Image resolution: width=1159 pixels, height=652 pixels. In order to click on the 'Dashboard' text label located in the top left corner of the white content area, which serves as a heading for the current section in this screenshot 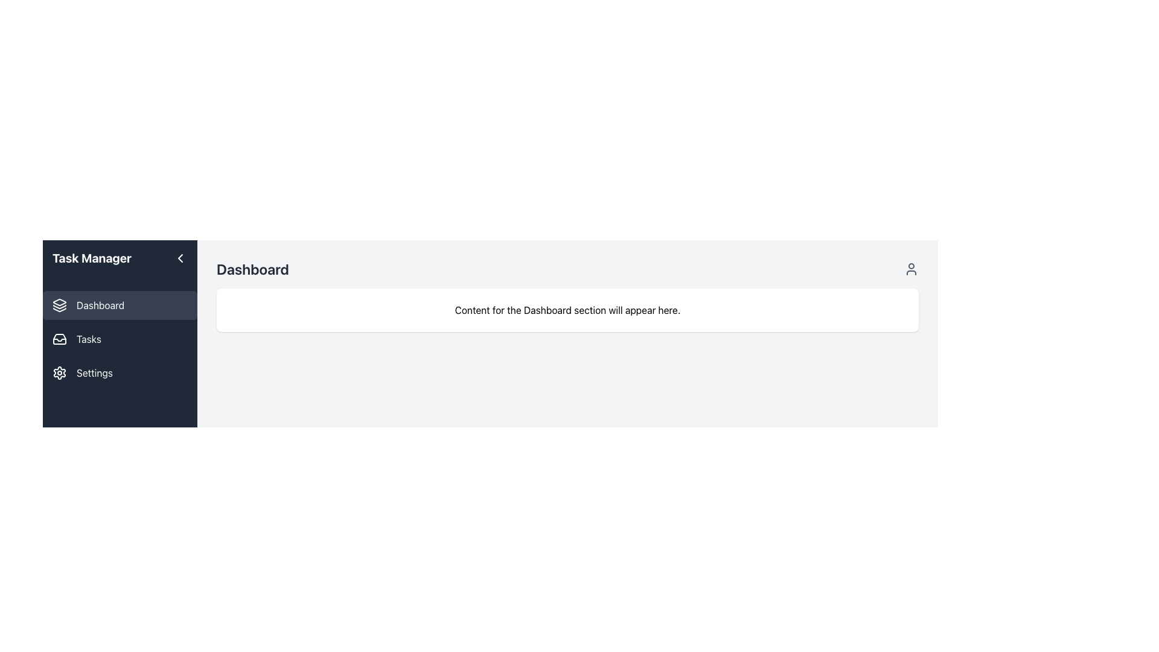, I will do `click(252, 269)`.